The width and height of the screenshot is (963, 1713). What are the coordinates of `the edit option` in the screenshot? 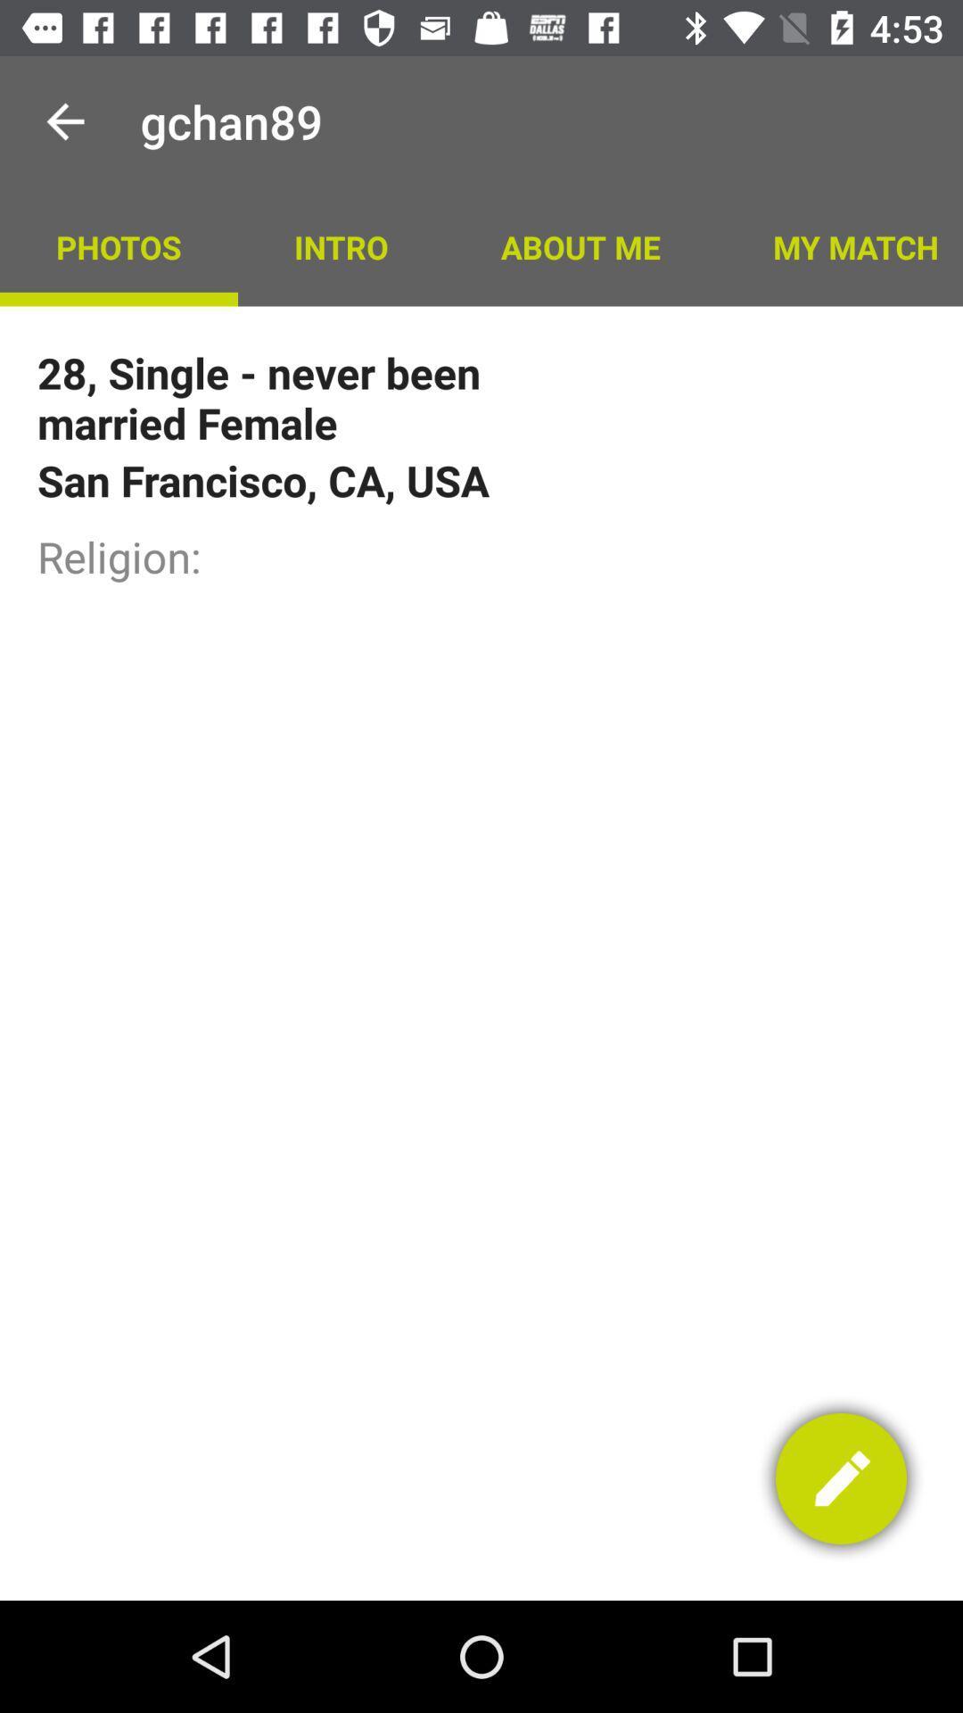 It's located at (841, 1478).